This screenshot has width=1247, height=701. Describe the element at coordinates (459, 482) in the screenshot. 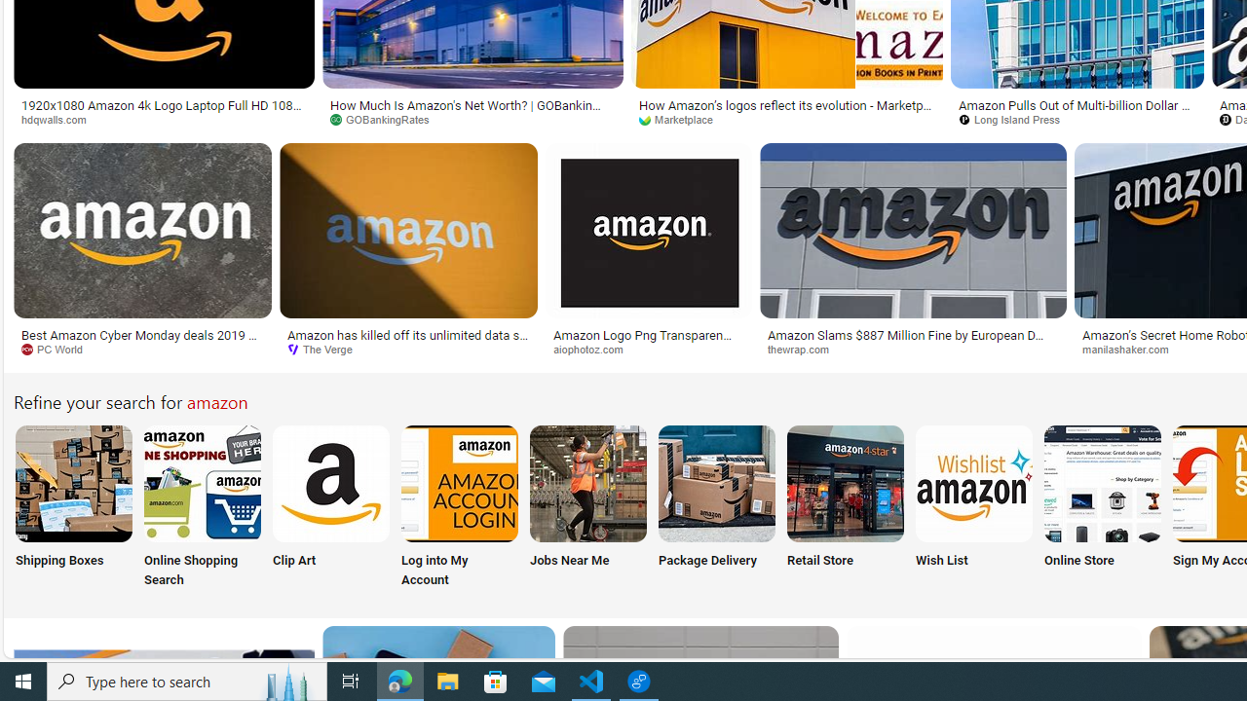

I see `'Amazon Log into My Account'` at that location.